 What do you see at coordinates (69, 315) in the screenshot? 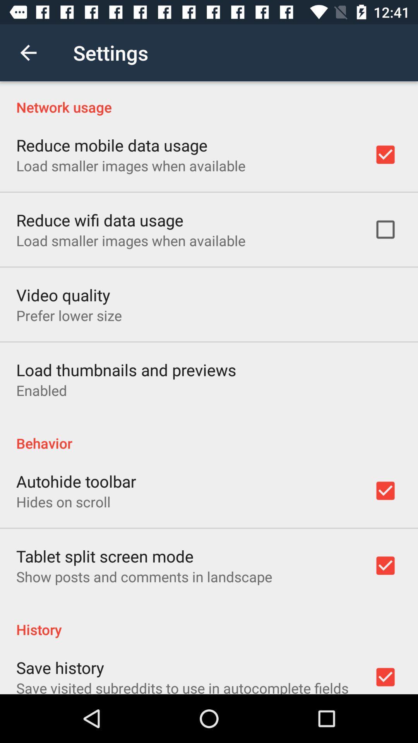
I see `item below video quality icon` at bounding box center [69, 315].